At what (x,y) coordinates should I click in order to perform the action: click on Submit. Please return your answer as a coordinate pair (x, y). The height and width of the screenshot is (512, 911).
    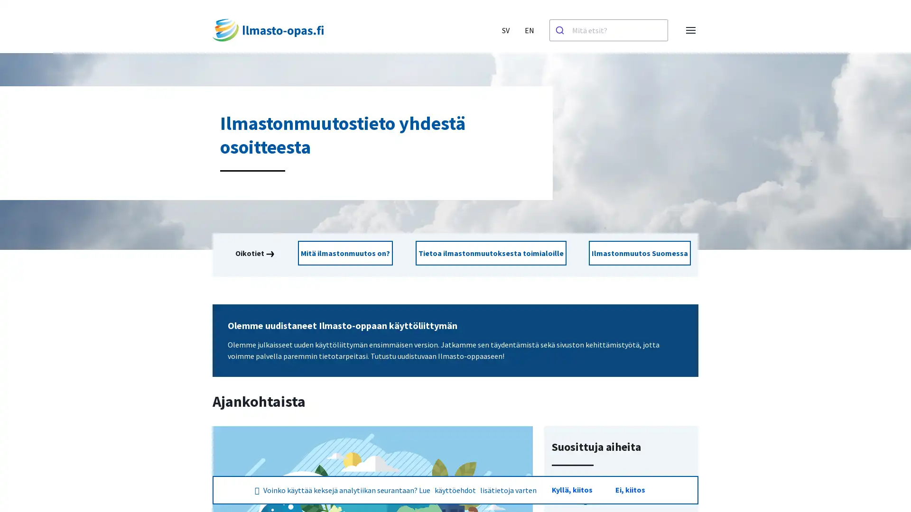
    Looking at the image, I should click on (561, 30).